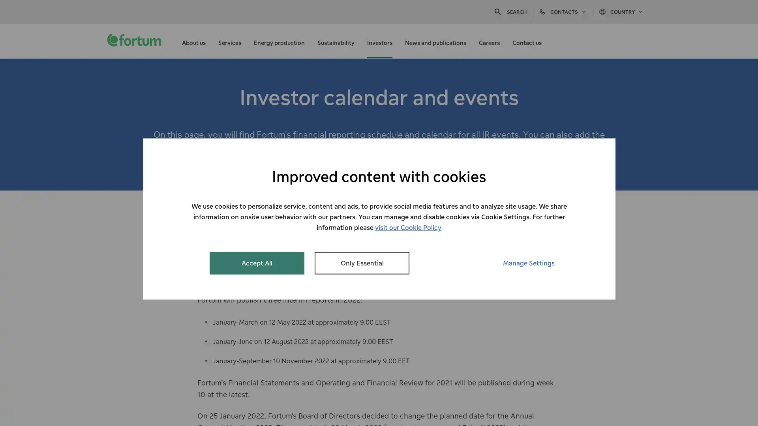 Image resolution: width=758 pixels, height=426 pixels. Describe the element at coordinates (528, 263) in the screenshot. I see `Manage Settings` at that location.